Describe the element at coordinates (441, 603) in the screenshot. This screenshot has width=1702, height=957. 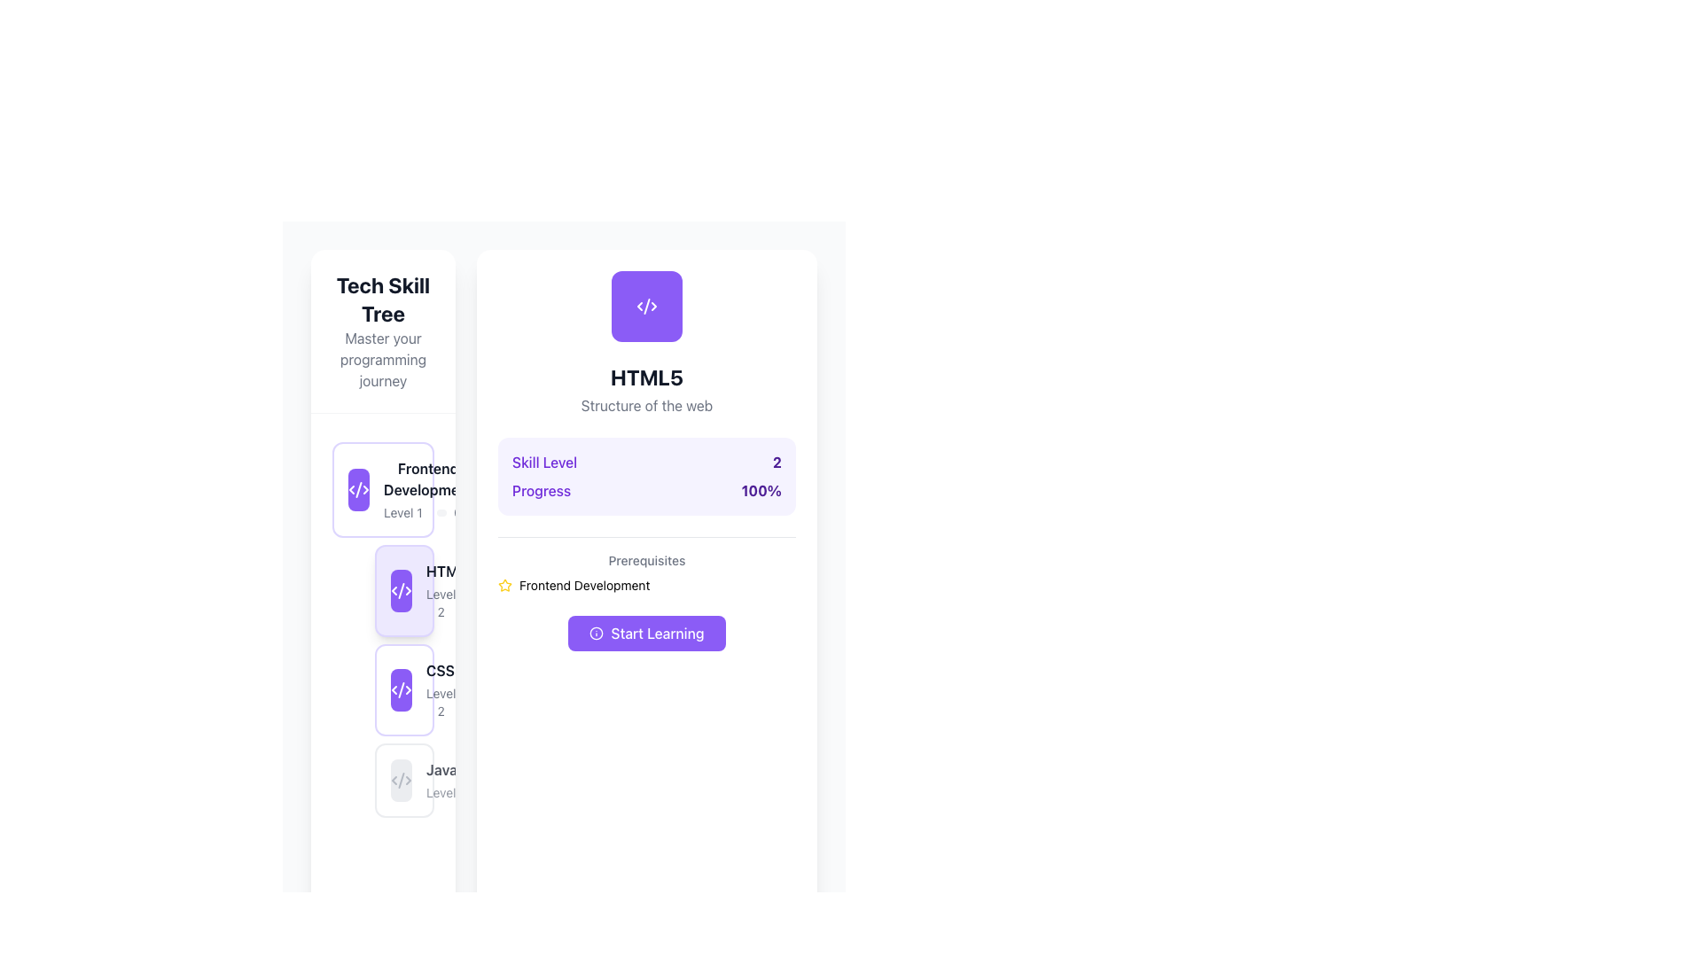
I see `the 'Level 2' text label, which is styled in a small muted gray font and is part of a skill levels group, positioned at the top-left corner before the progress bar` at that location.